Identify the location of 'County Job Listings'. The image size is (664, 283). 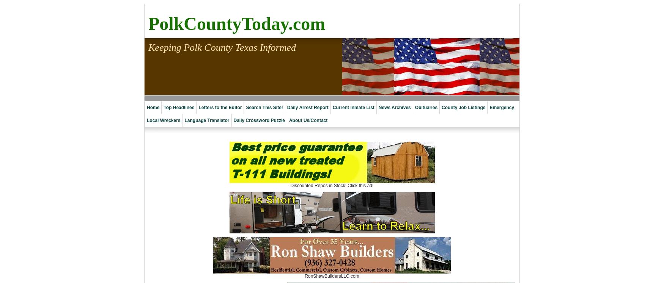
(463, 108).